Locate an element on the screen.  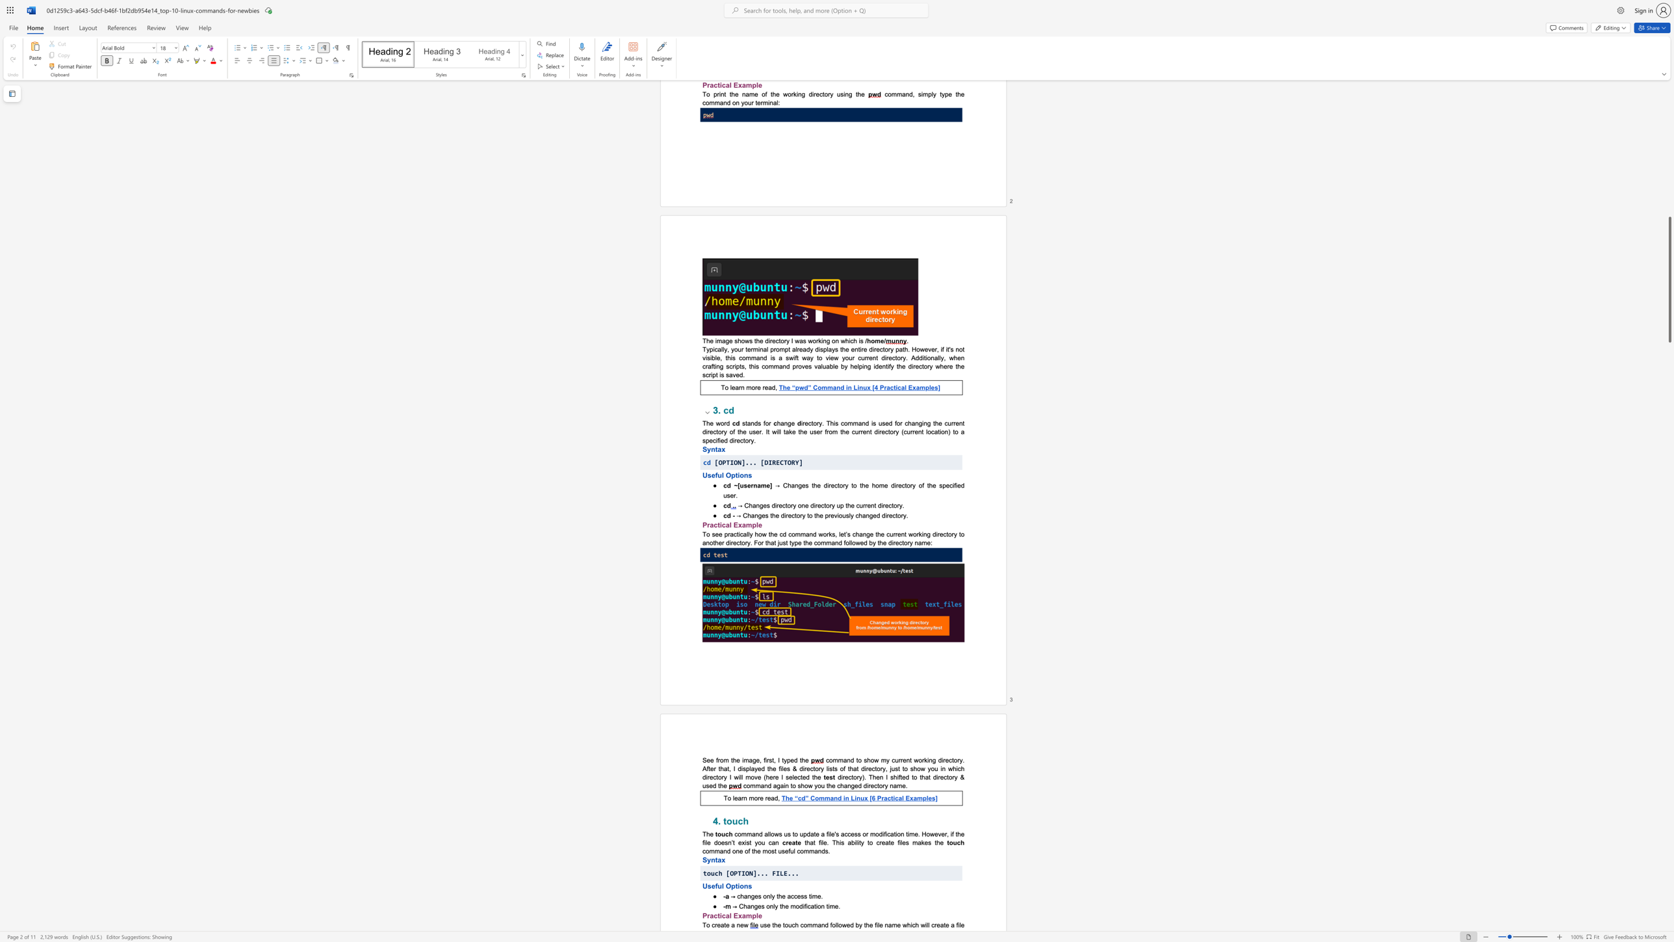
the 3th character "t" in the text is located at coordinates (807, 514).